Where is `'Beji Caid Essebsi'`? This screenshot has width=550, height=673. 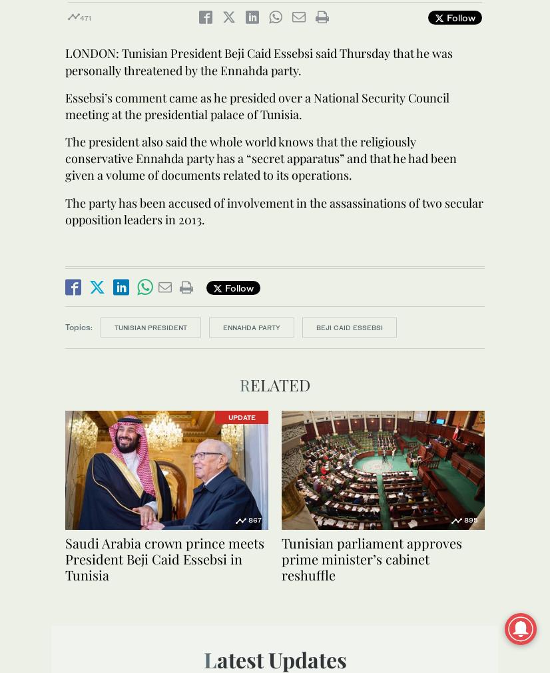
'Beji Caid Essebsi' is located at coordinates (349, 326).